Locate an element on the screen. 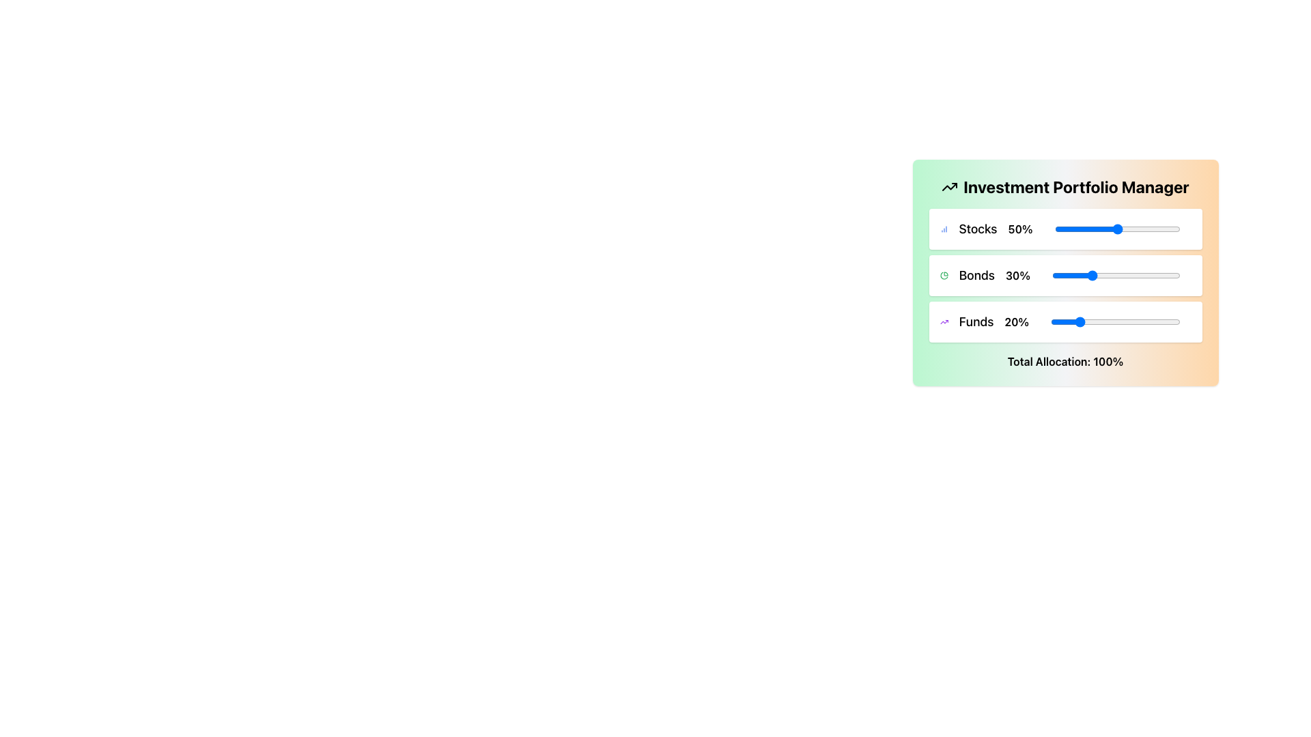 The width and height of the screenshot is (1311, 737). the 'Funds' allocation is located at coordinates (1101, 321).